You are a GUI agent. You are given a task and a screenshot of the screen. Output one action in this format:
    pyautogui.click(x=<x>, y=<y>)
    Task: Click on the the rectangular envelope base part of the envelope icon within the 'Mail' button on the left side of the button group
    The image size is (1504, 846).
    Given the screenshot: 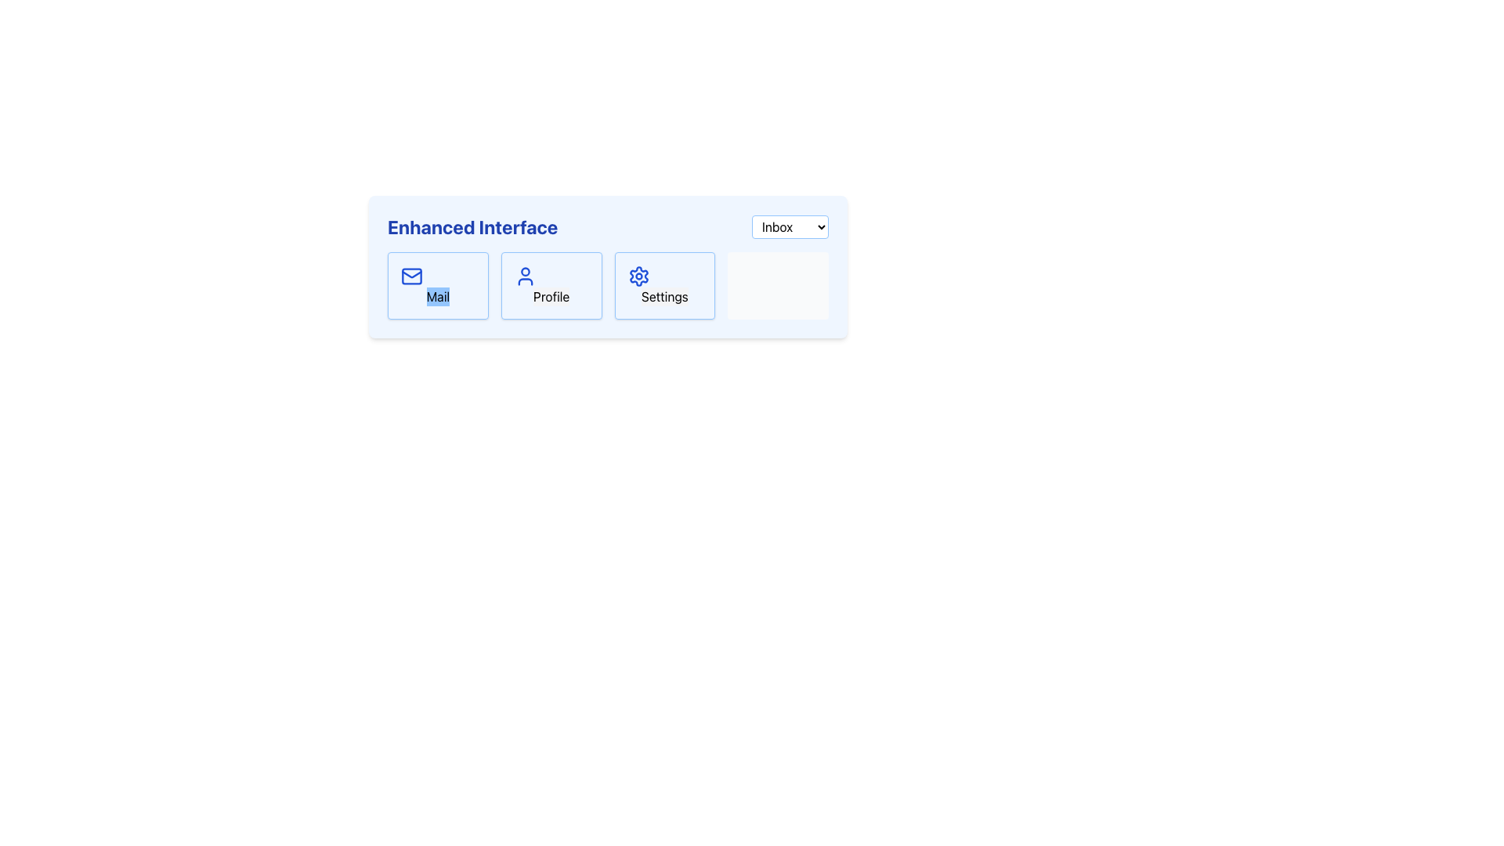 What is the action you would take?
    pyautogui.click(x=412, y=276)
    